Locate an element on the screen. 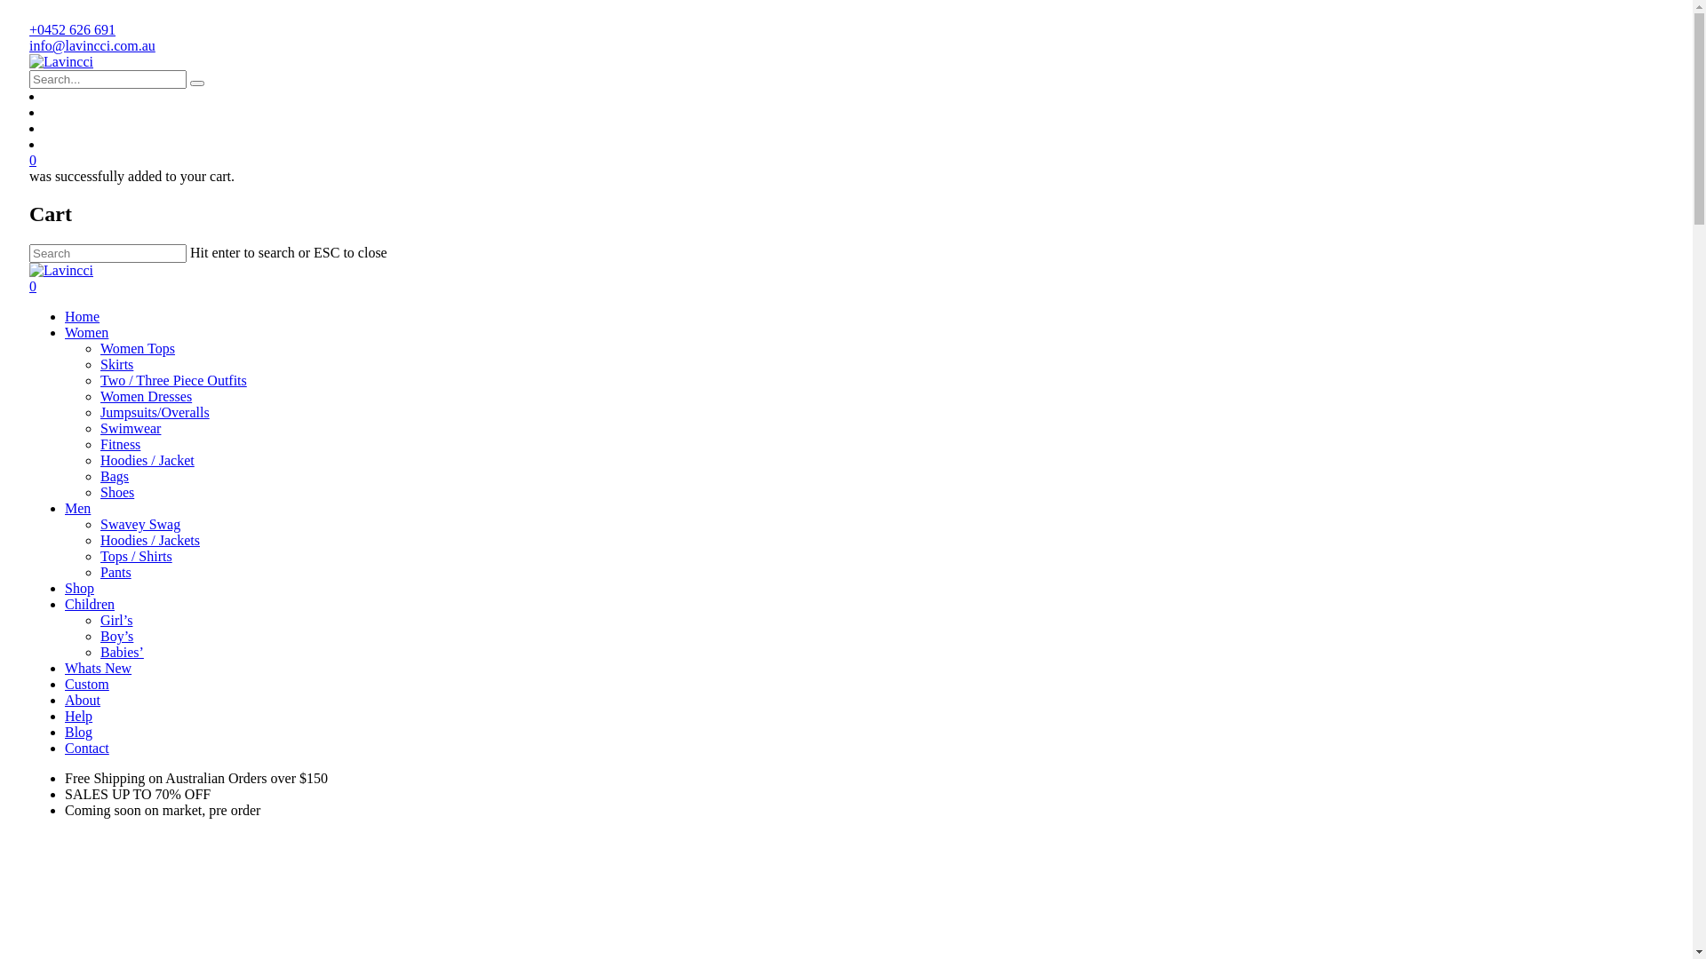 Image resolution: width=1706 pixels, height=959 pixels. 'Home' is located at coordinates (81, 315).